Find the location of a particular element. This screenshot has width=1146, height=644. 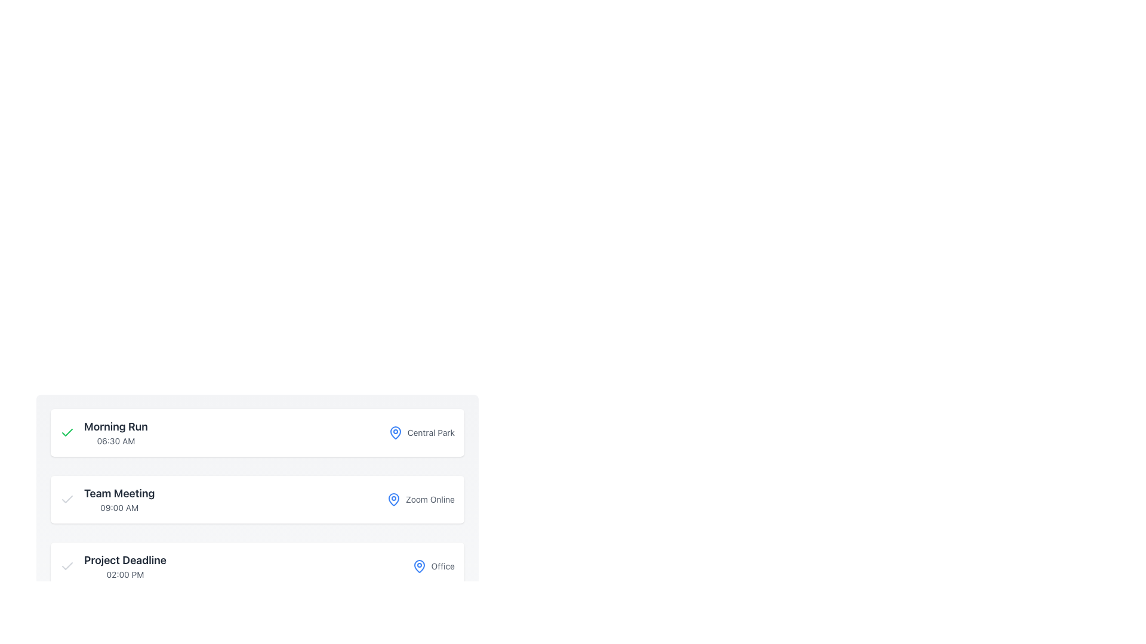

the static text element displaying the time '02:00 PM', which is styled with a small font and gray color, located below 'Project Deadline' is located at coordinates (125, 574).